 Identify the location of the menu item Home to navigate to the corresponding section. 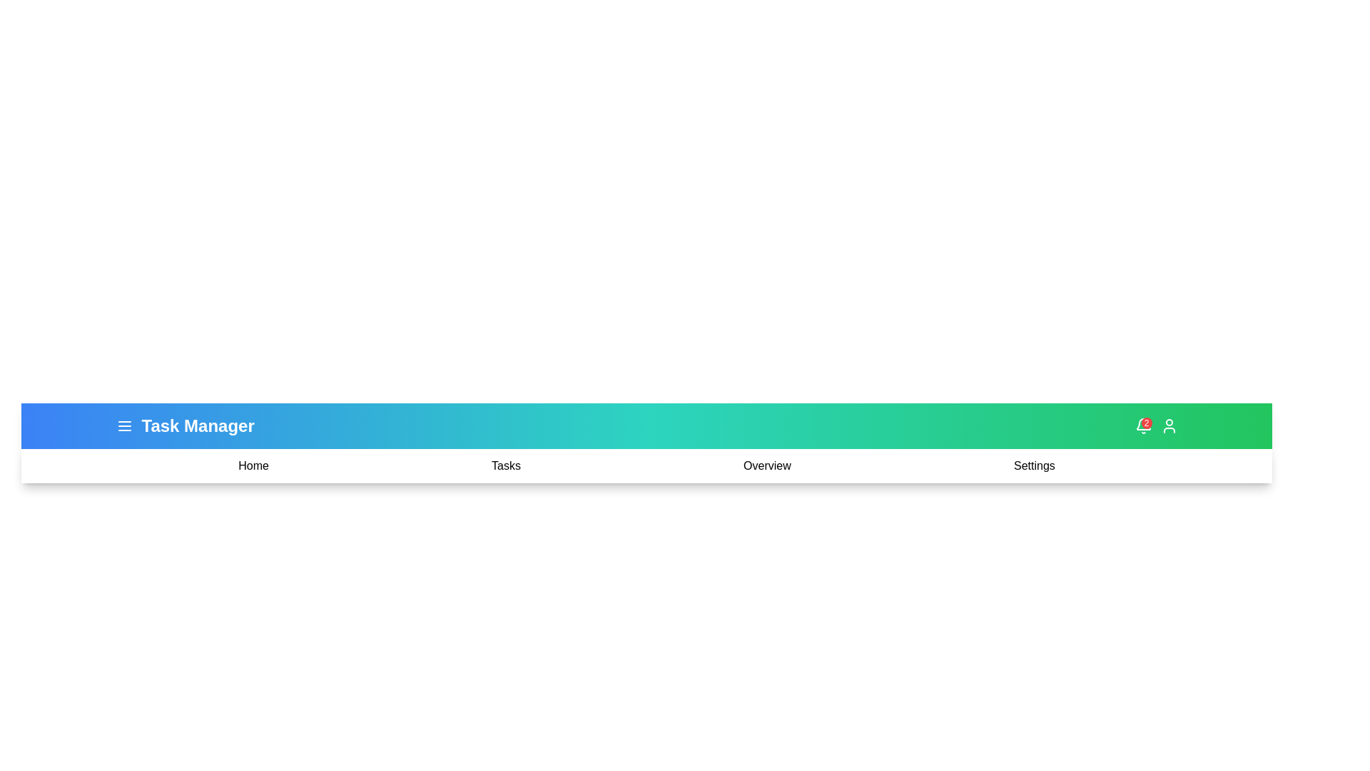
(253, 465).